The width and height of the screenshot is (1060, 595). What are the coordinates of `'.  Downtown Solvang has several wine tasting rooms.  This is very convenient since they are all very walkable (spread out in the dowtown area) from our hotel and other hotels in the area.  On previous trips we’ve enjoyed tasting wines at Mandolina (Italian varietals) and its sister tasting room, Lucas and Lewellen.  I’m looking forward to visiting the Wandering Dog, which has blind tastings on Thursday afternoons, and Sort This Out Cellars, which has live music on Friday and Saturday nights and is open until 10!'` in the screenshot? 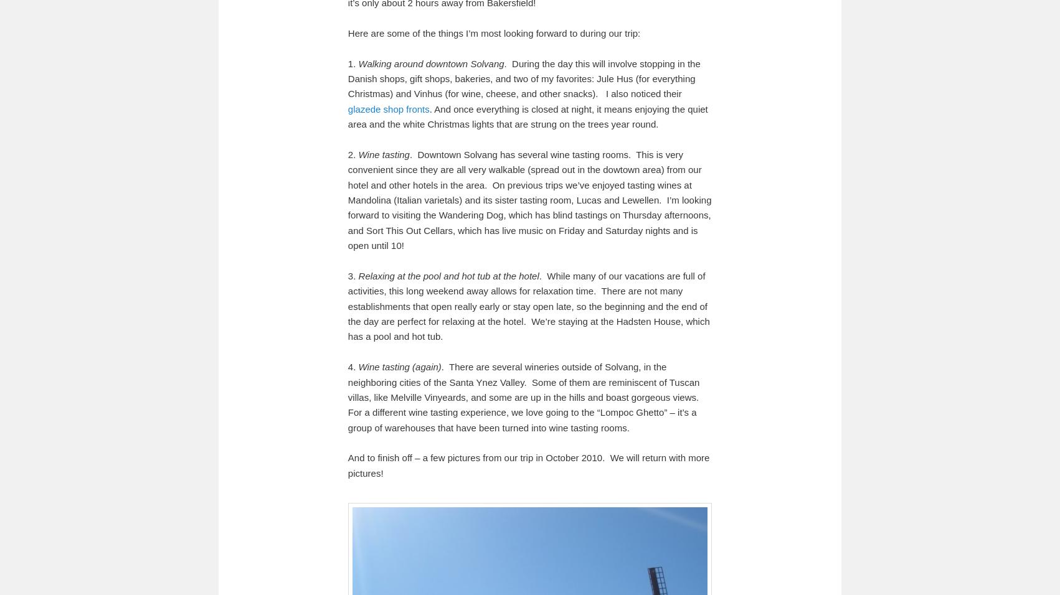 It's located at (528, 199).